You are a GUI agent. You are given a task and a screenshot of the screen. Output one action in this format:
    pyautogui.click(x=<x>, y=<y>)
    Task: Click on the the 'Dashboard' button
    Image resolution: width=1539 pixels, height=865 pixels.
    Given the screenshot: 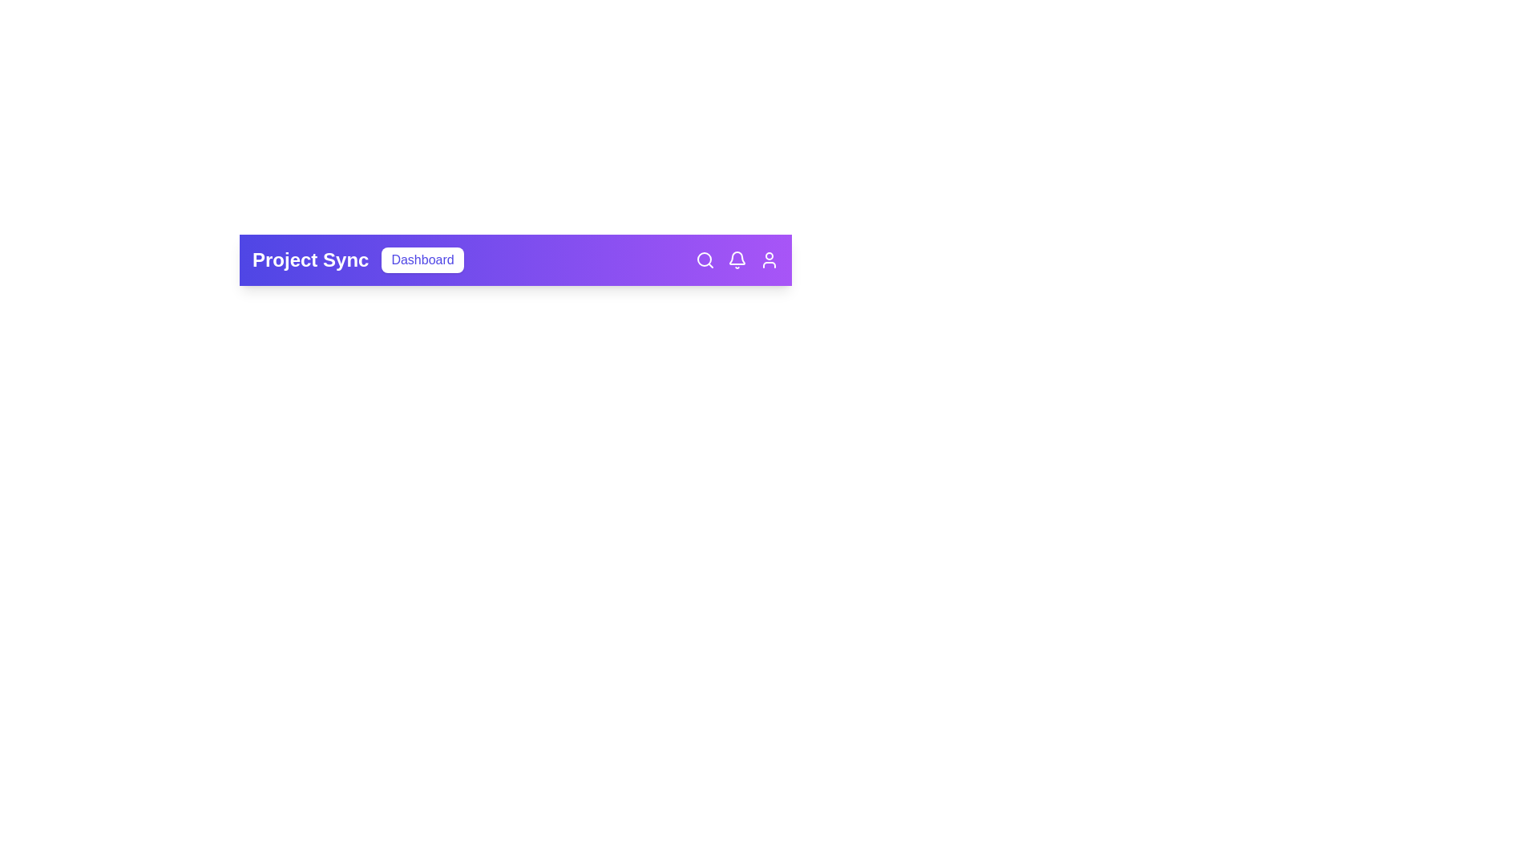 What is the action you would take?
    pyautogui.click(x=422, y=259)
    